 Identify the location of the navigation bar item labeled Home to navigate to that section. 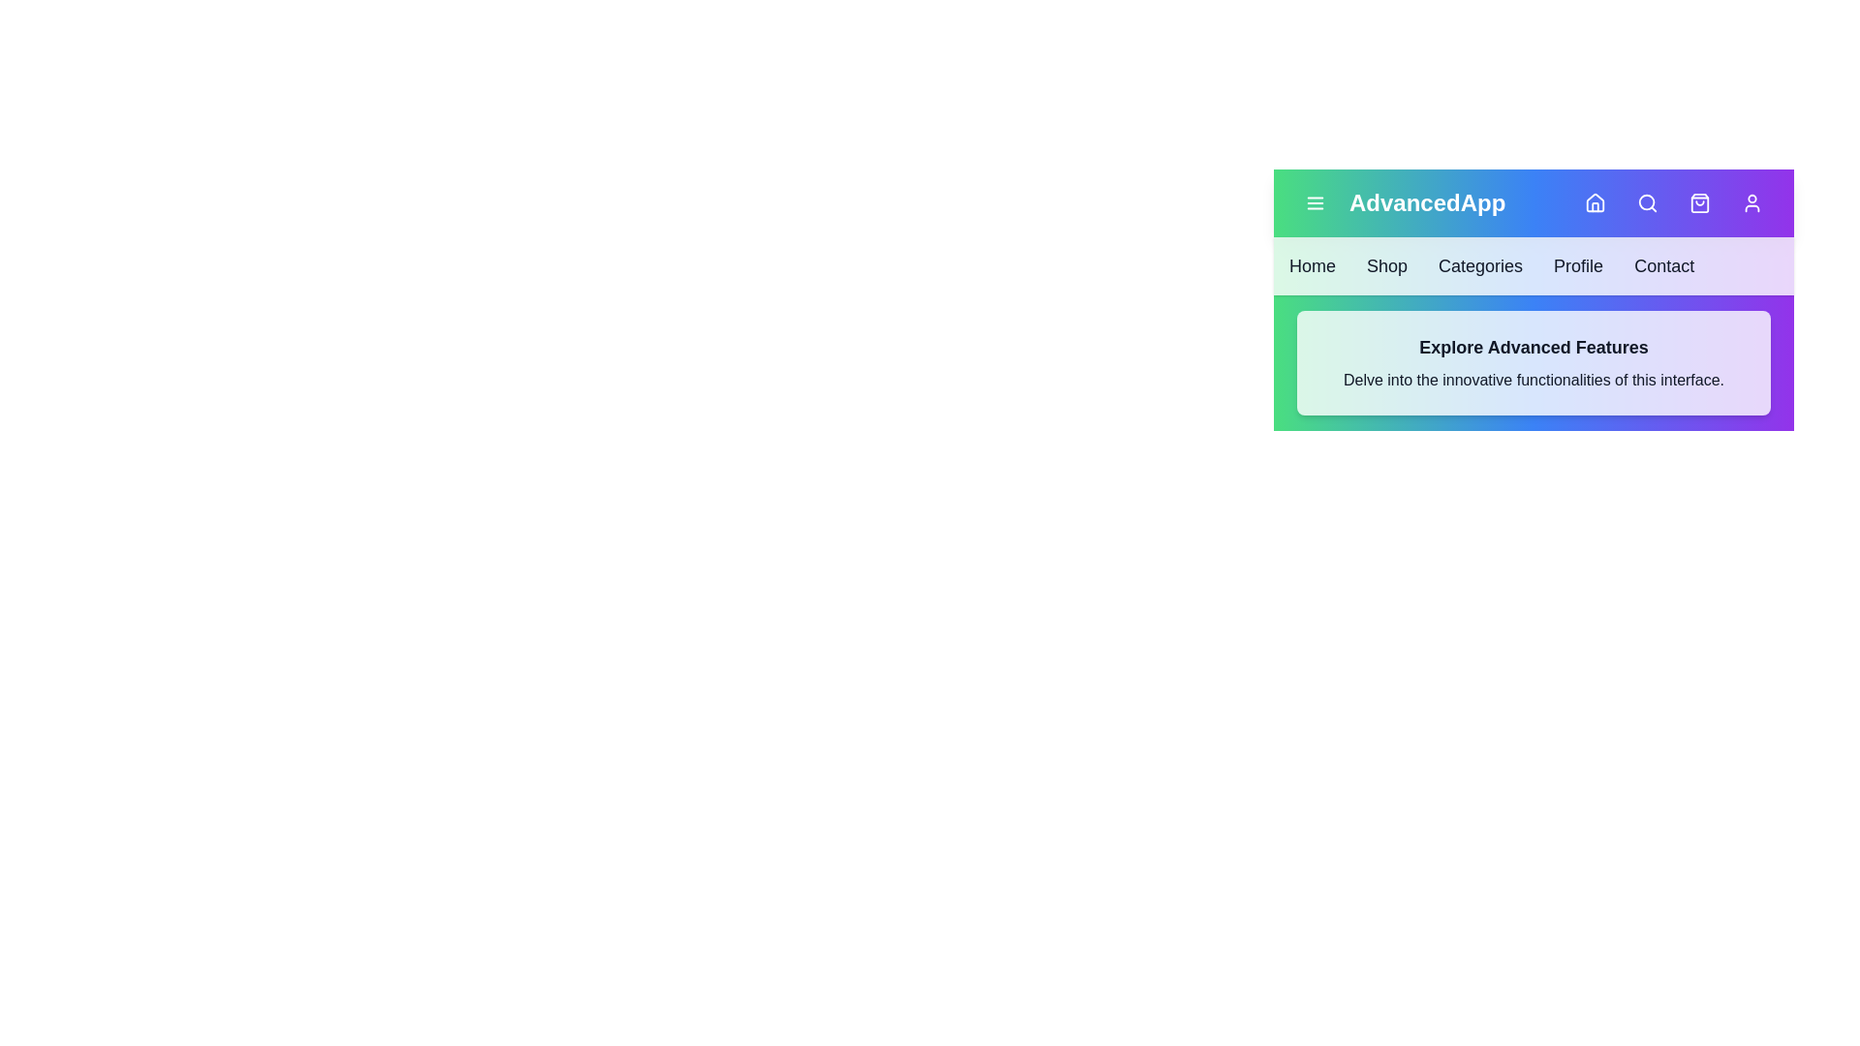
(1312, 265).